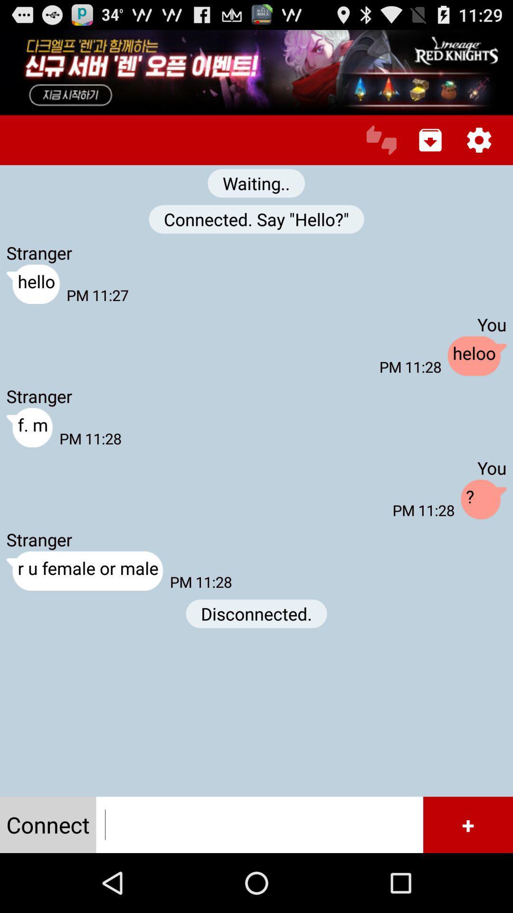 This screenshot has width=513, height=913. What do you see at coordinates (381, 139) in the screenshot?
I see `the item above connected. say "hello?" app` at bounding box center [381, 139].